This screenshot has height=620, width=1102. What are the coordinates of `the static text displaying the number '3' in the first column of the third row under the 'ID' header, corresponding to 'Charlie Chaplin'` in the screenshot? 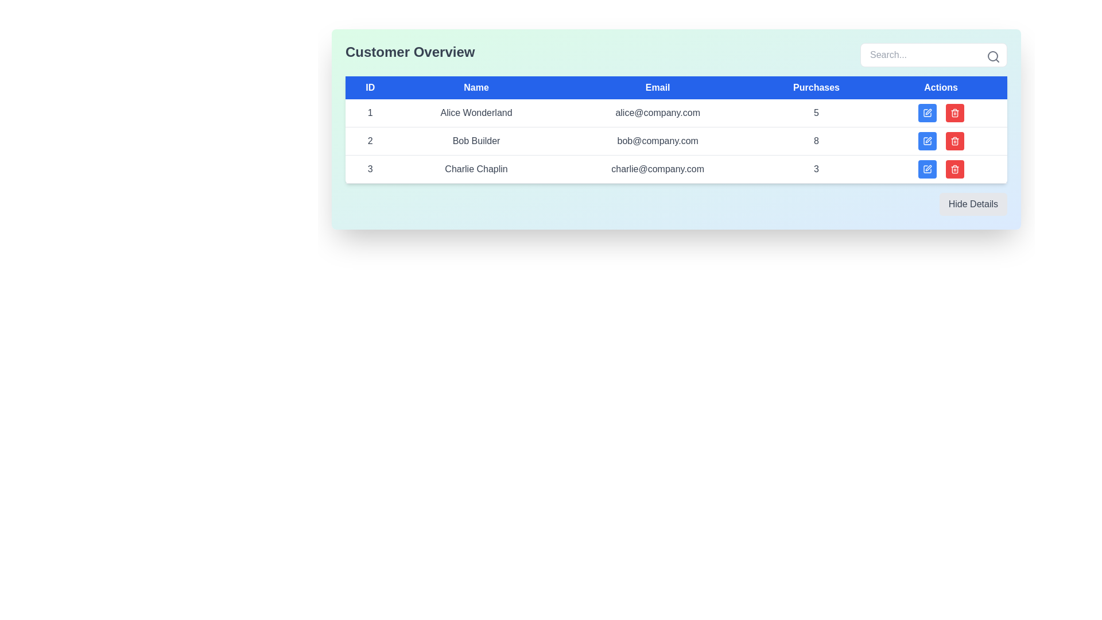 It's located at (370, 169).